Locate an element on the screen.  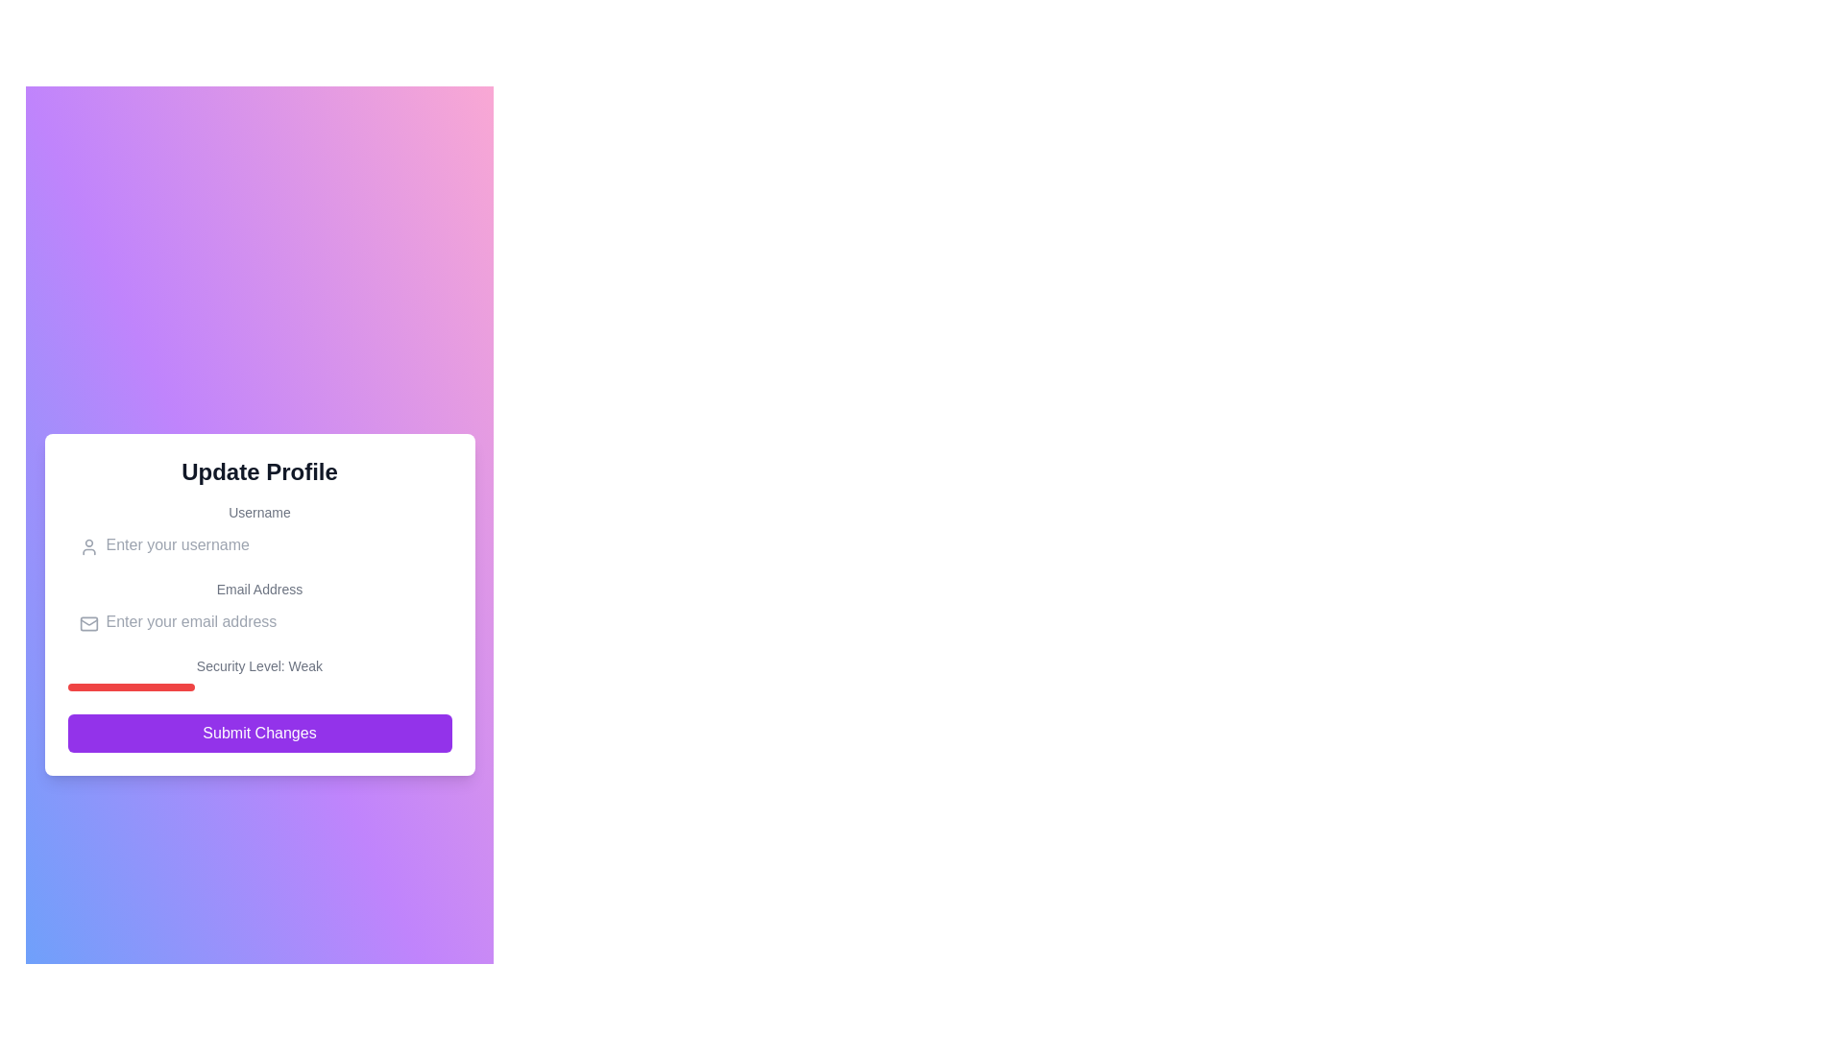
the 'Email Address' label, which is displayed in a small font with medium weight and gray color, positioned above the email input field in the upper-central area of the form is located at coordinates (258, 588).